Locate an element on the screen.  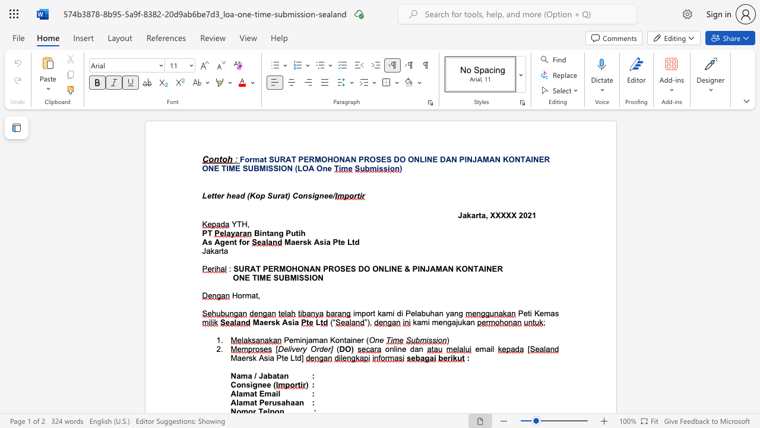
the space between the continuous character "T" and "I" in the text is located at coordinates (226, 168).